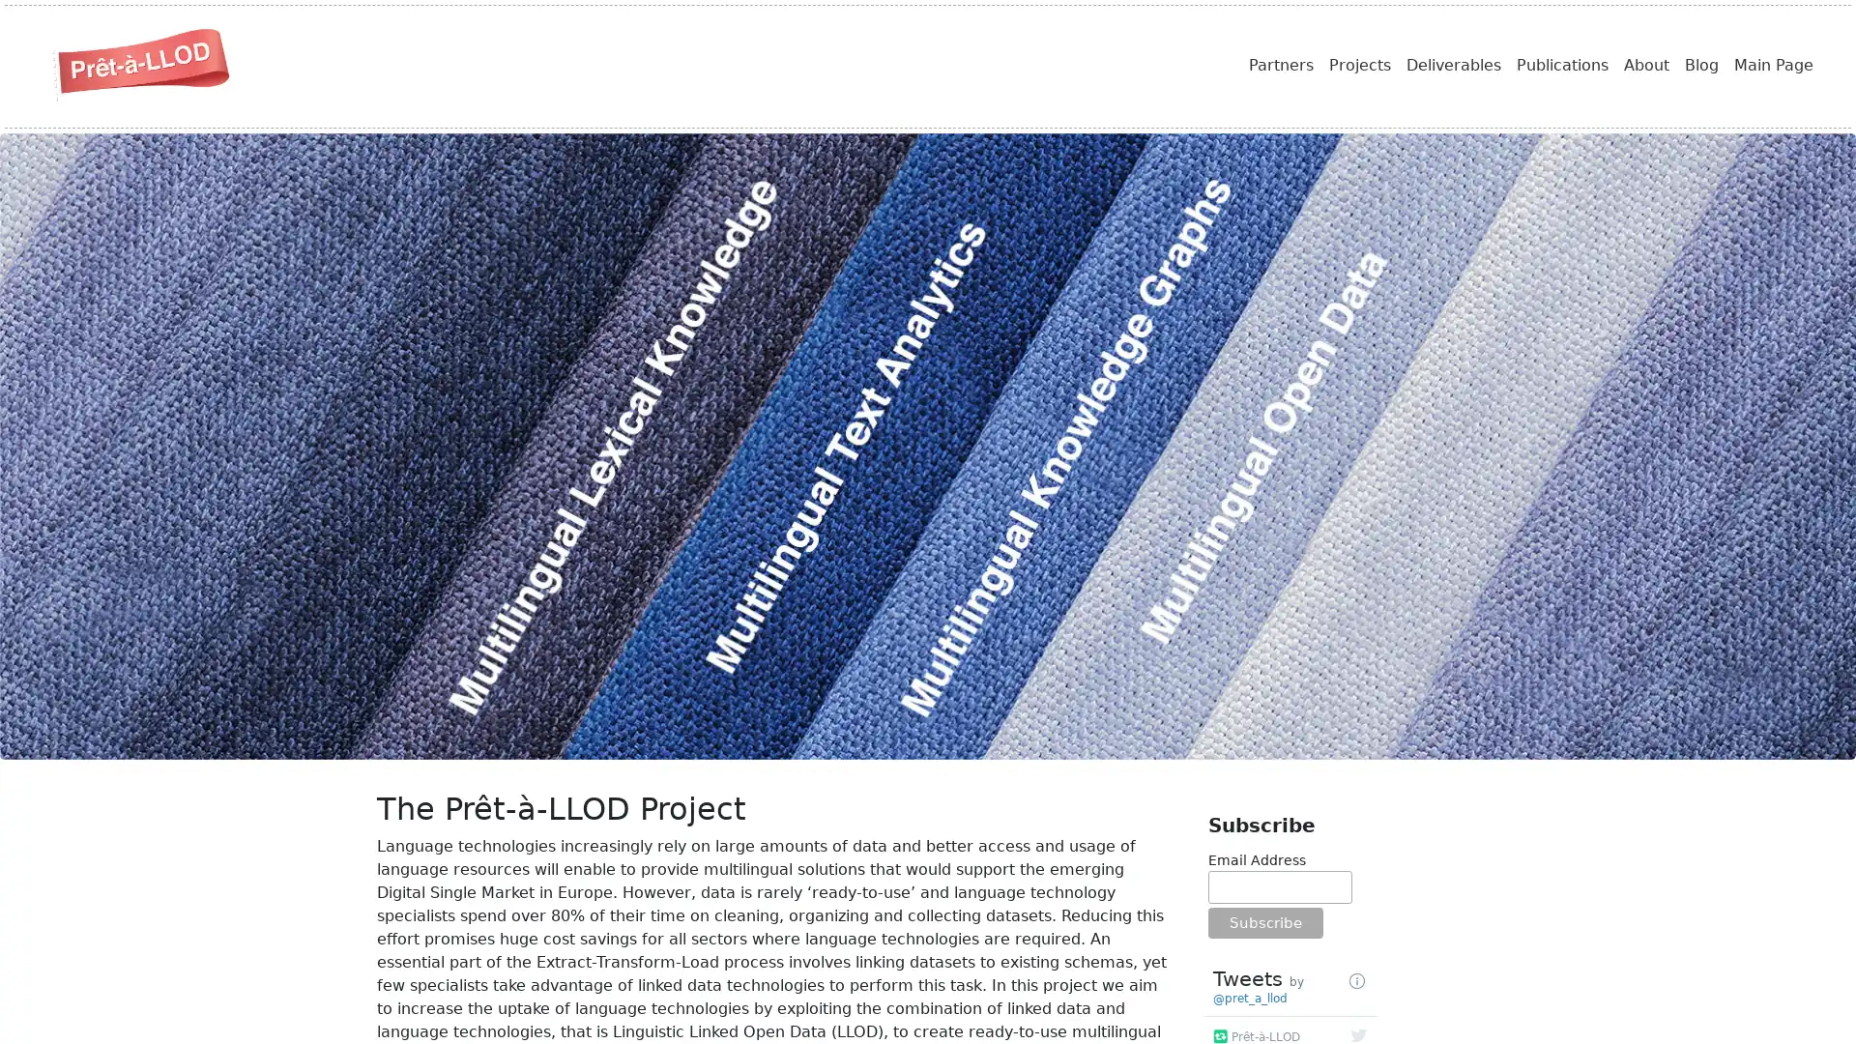 This screenshot has width=1856, height=1044. I want to click on Subscribe, so click(1264, 922).